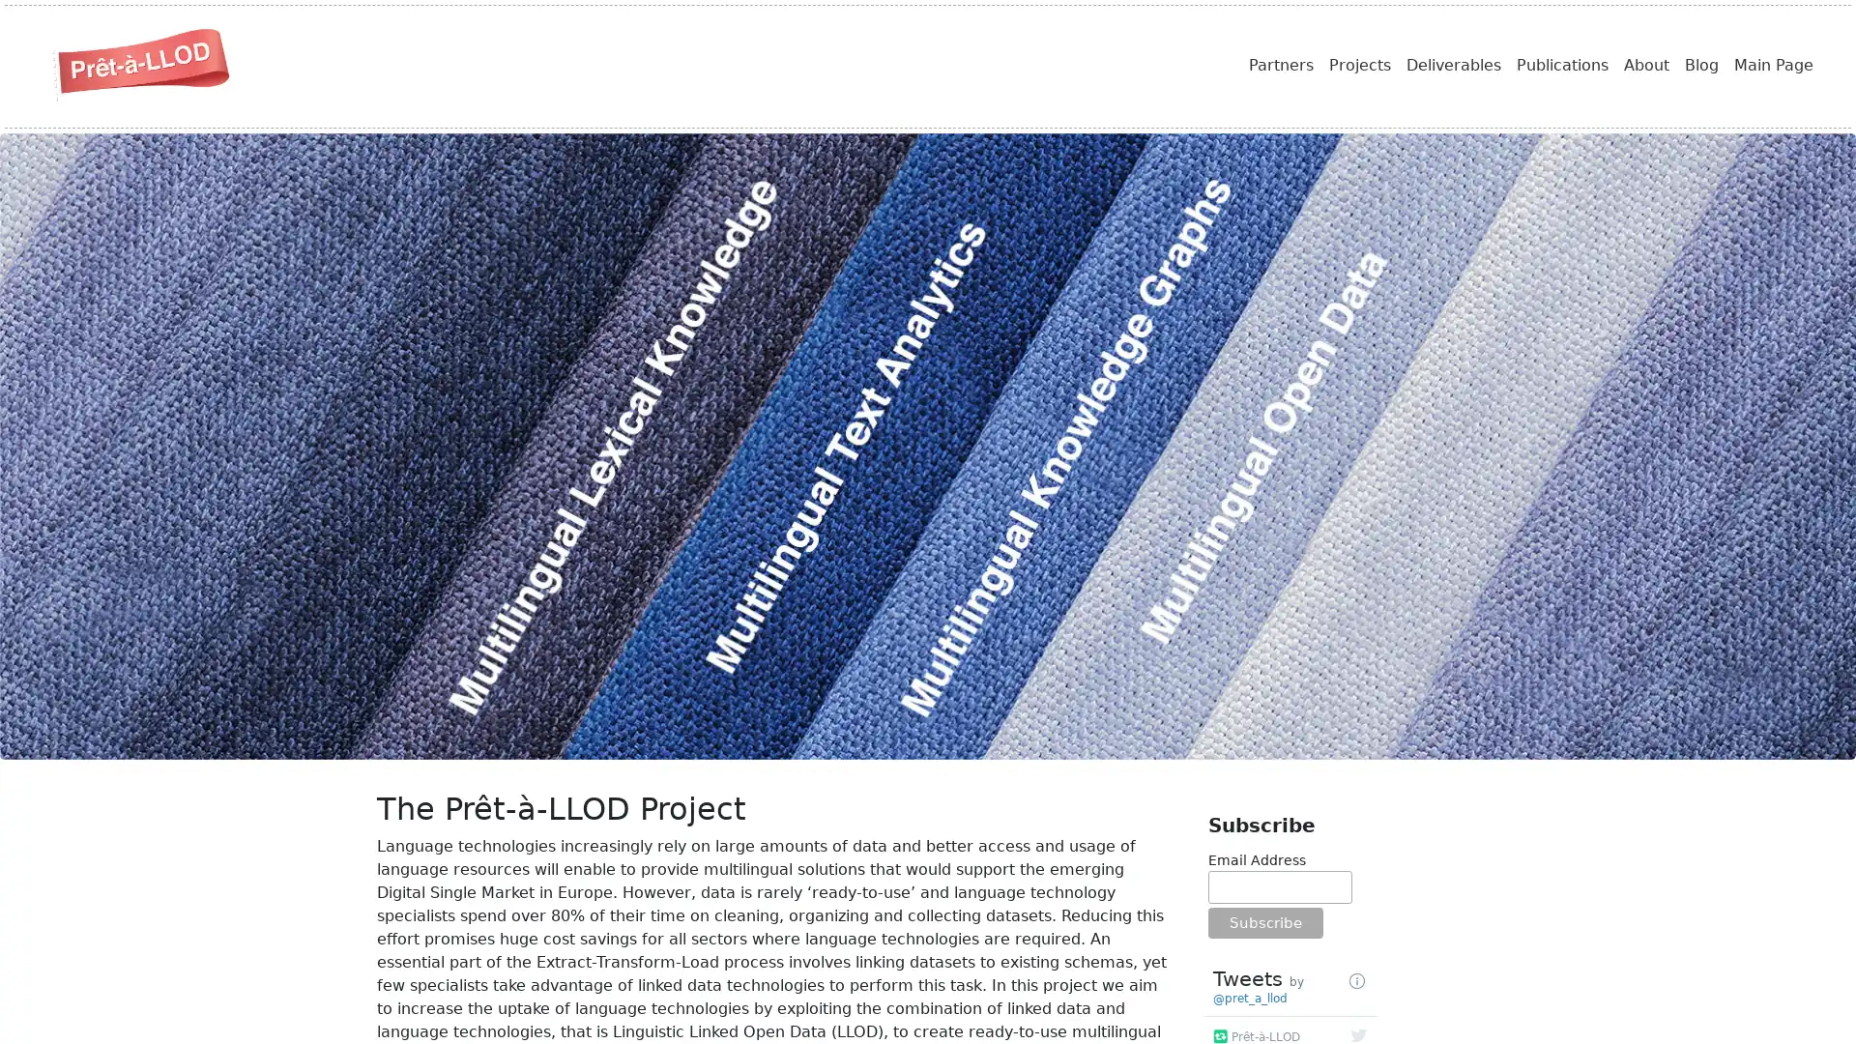 This screenshot has width=1856, height=1044. I want to click on Subscribe, so click(1264, 922).